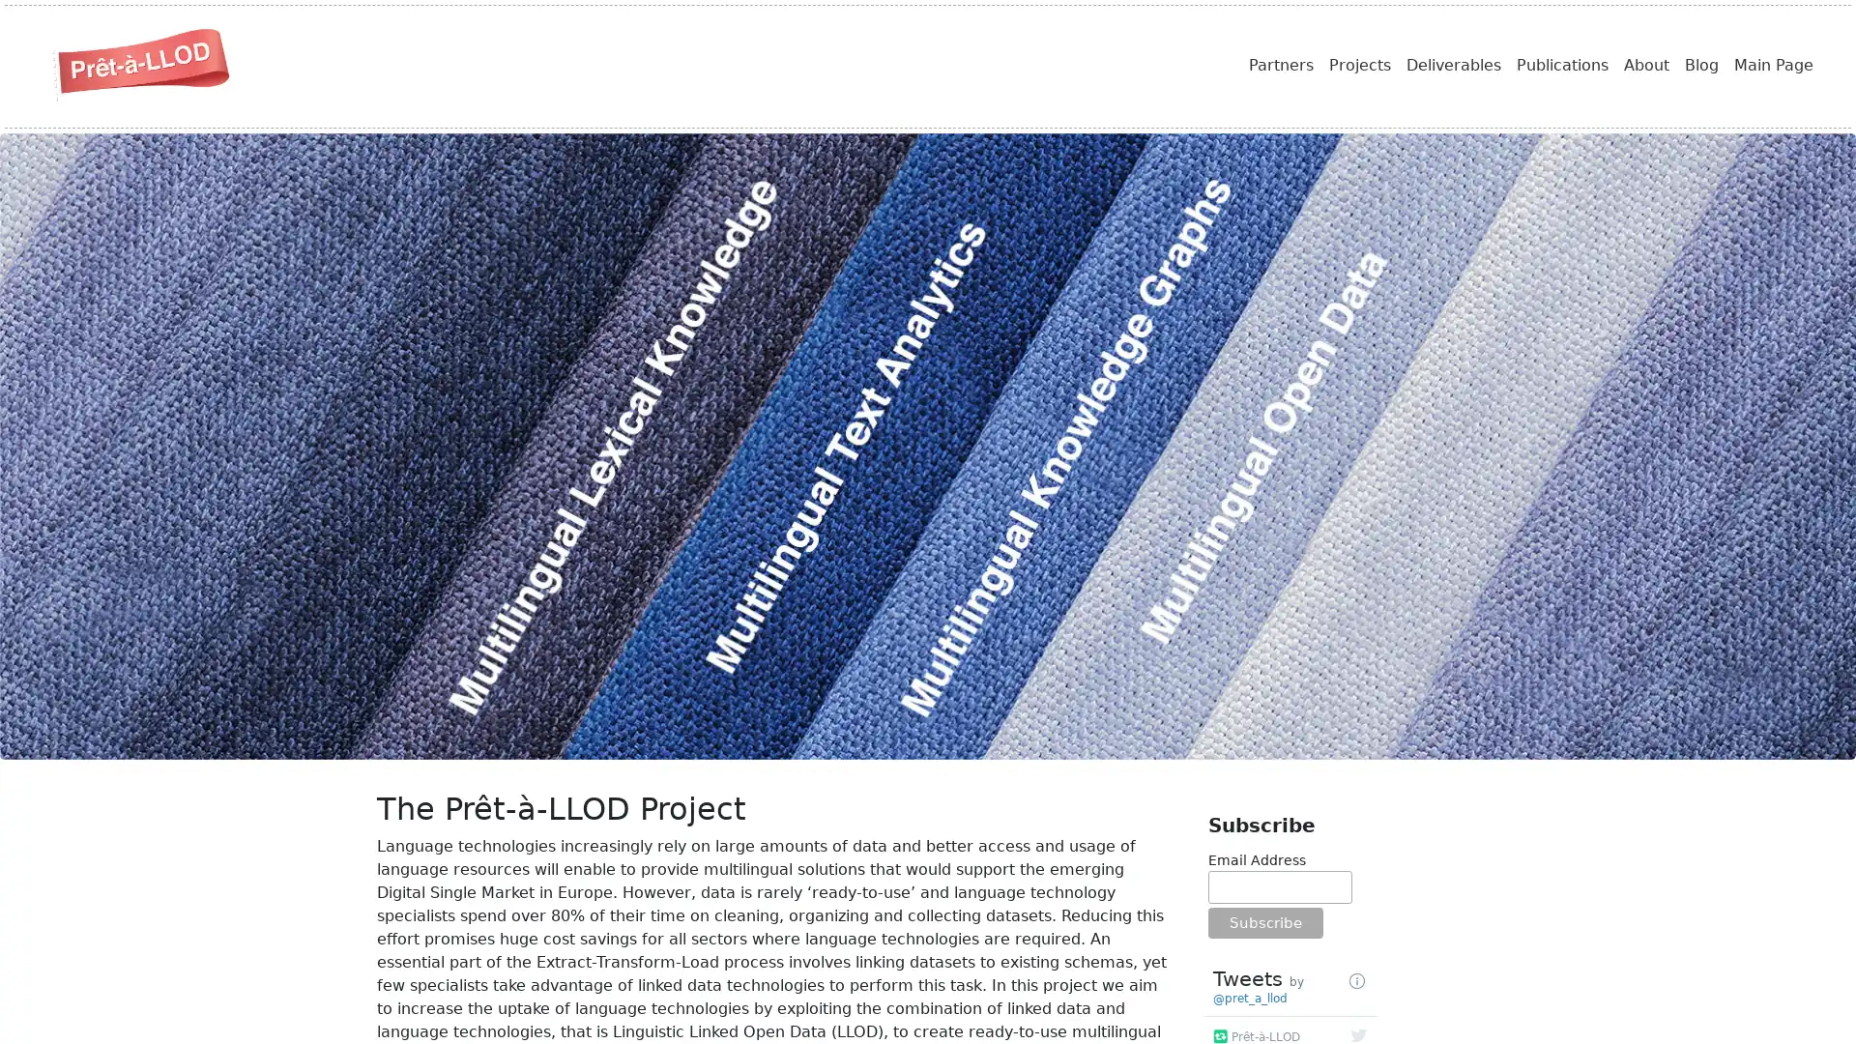 This screenshot has width=1856, height=1044. I want to click on Subscribe, so click(1264, 922).